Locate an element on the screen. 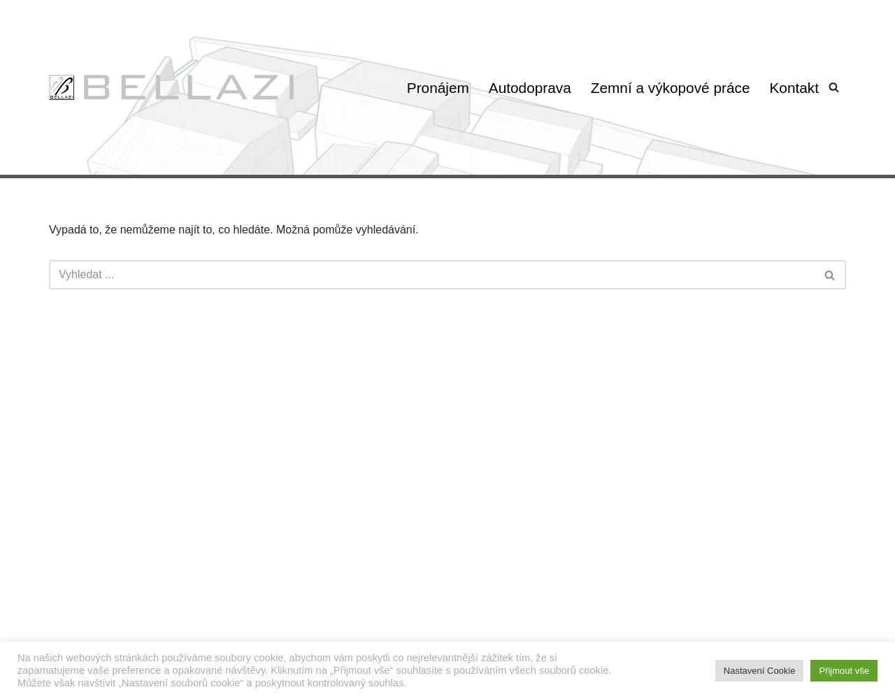  'Přijmout vše' is located at coordinates (843, 669).